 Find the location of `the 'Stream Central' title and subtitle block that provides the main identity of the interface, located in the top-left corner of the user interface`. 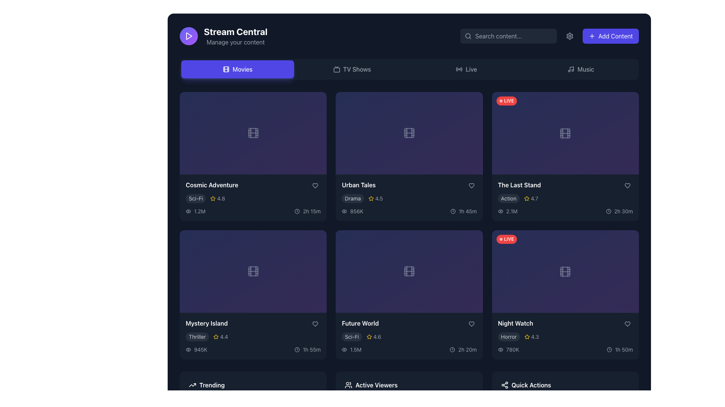

the 'Stream Central' title and subtitle block that provides the main identity of the interface, located in the top-left corner of the user interface is located at coordinates (235, 36).